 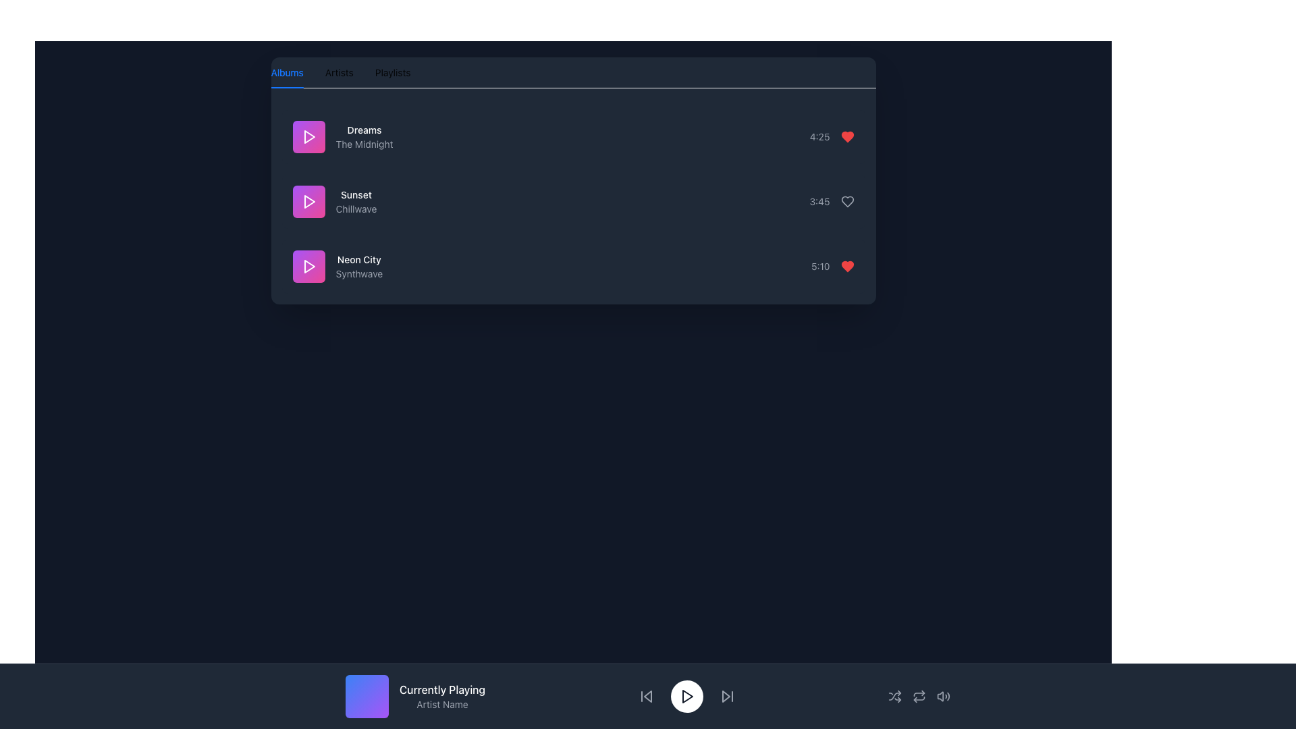 What do you see at coordinates (356, 202) in the screenshot?
I see `the text label displaying 'Sunset' in white and 'Chillwave' in gray, located on a dark blue background, positioned as the second item in a vertically-aligned list of items` at bounding box center [356, 202].